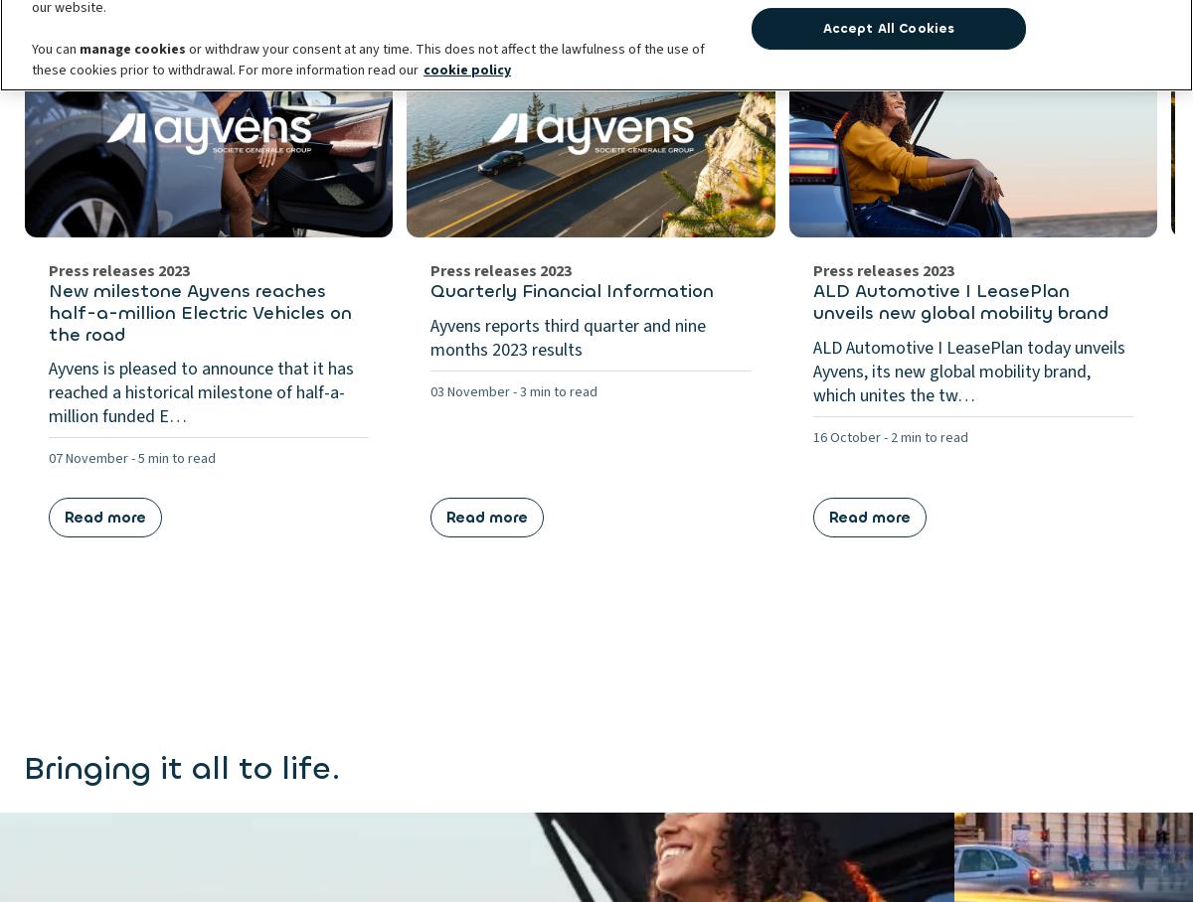 Image resolution: width=1193 pixels, height=902 pixels. I want to click on '16 October', so click(845, 437).